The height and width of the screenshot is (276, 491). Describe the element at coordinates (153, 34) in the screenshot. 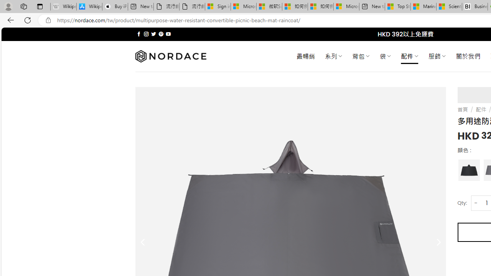

I see `'Follow on Twitter'` at that location.